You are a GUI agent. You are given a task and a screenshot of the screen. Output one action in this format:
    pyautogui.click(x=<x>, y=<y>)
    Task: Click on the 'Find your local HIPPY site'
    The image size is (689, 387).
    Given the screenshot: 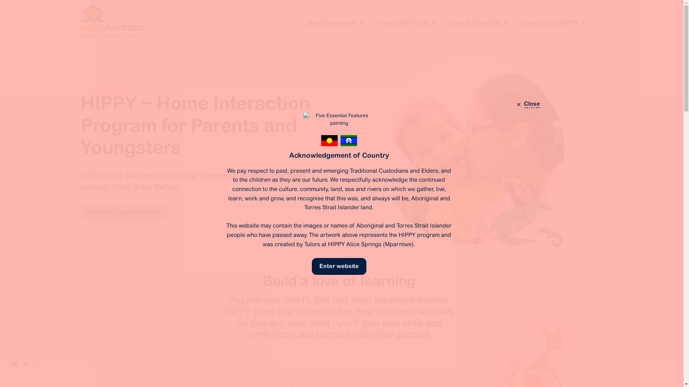 What is the action you would take?
    pyautogui.click(x=124, y=212)
    